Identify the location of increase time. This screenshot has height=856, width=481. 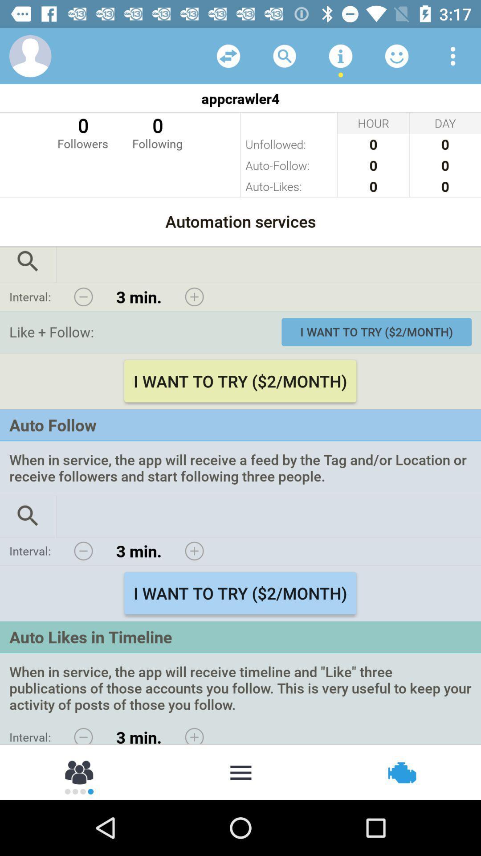
(194, 551).